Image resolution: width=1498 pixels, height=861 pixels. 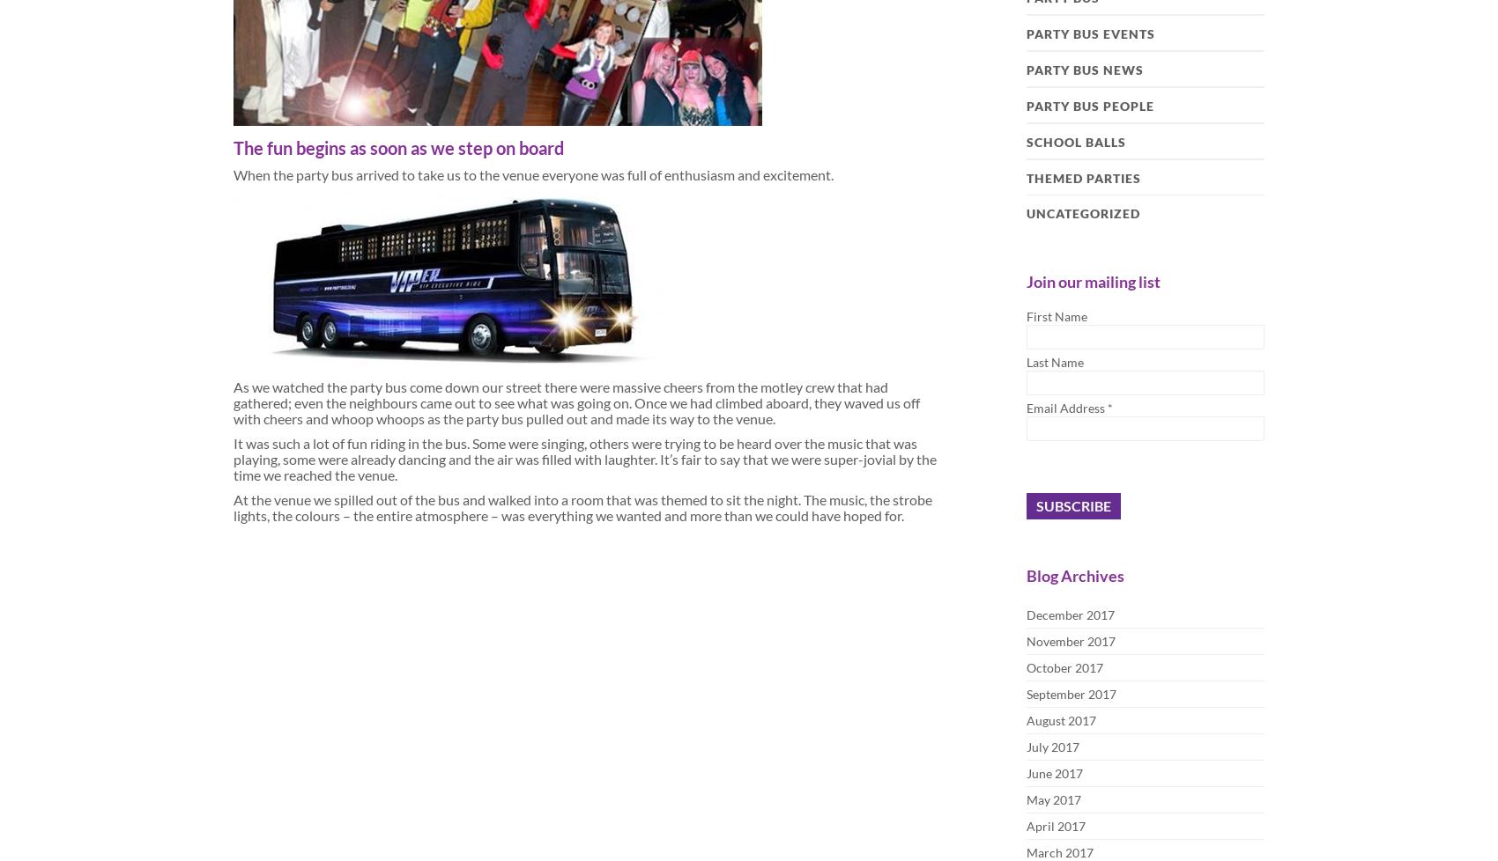 I want to click on 'School Balls', so click(x=1075, y=142).